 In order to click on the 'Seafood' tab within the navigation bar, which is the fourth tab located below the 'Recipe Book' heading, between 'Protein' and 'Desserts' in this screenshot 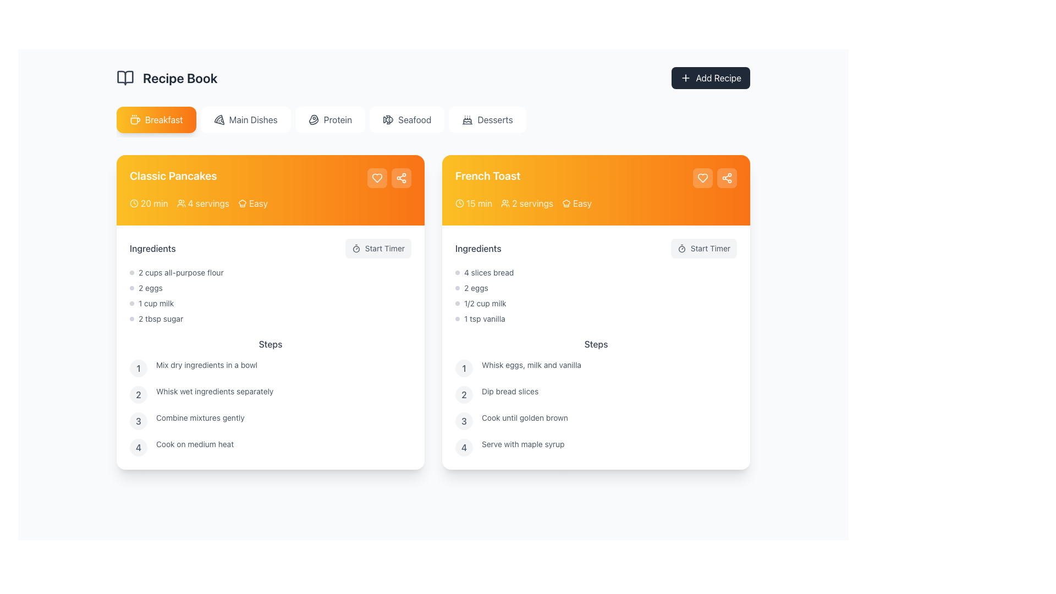, I will do `click(414, 120)`.